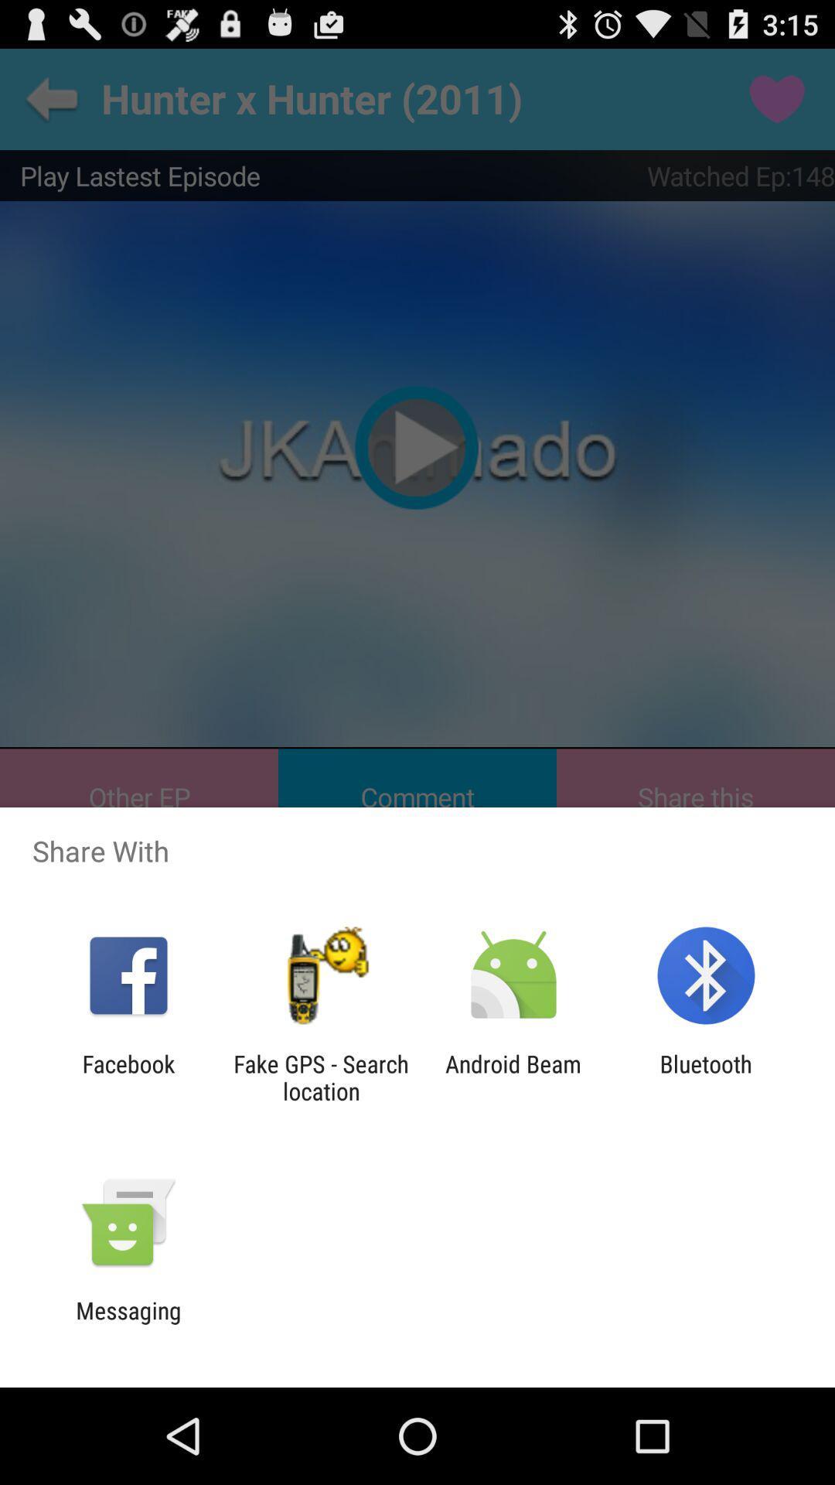 The width and height of the screenshot is (835, 1485). Describe the element at coordinates (513, 1077) in the screenshot. I see `android beam` at that location.